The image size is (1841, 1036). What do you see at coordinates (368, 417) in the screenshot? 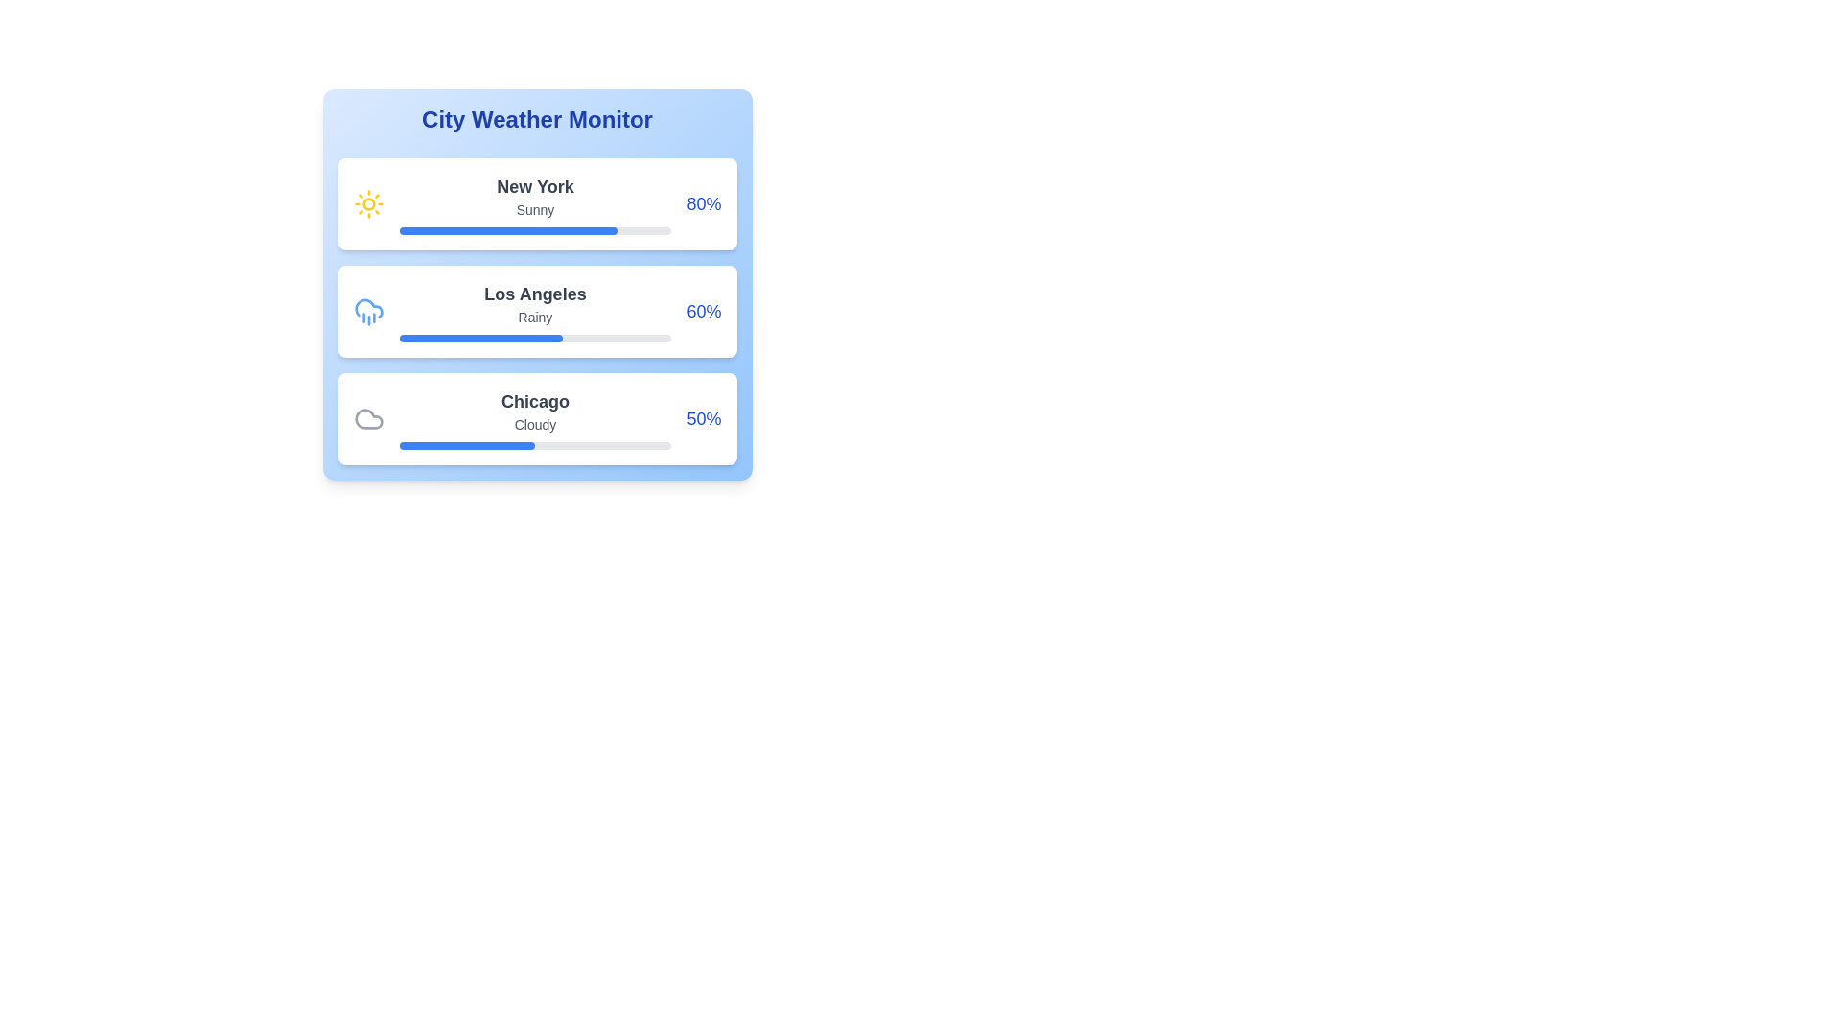
I see `the cloud-shaped icon located in the Chicago weather card, positioned to the left of the 'Chicago' and 'Cloudy' text` at bounding box center [368, 417].